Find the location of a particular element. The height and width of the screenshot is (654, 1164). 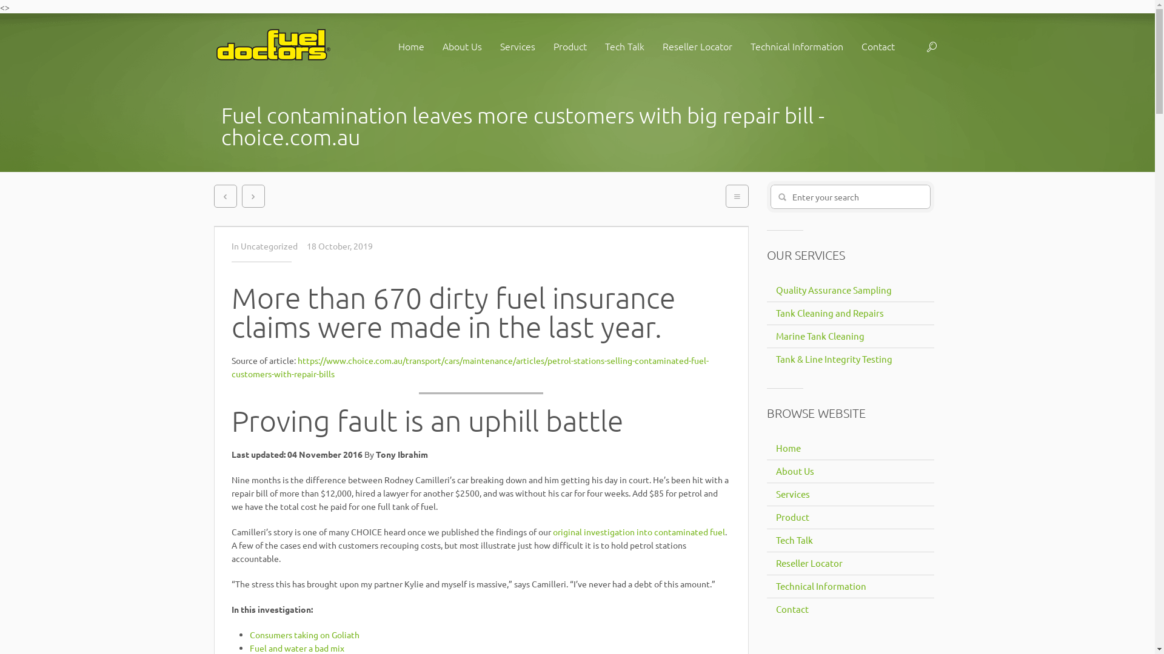

'Home' is located at coordinates (411, 45).